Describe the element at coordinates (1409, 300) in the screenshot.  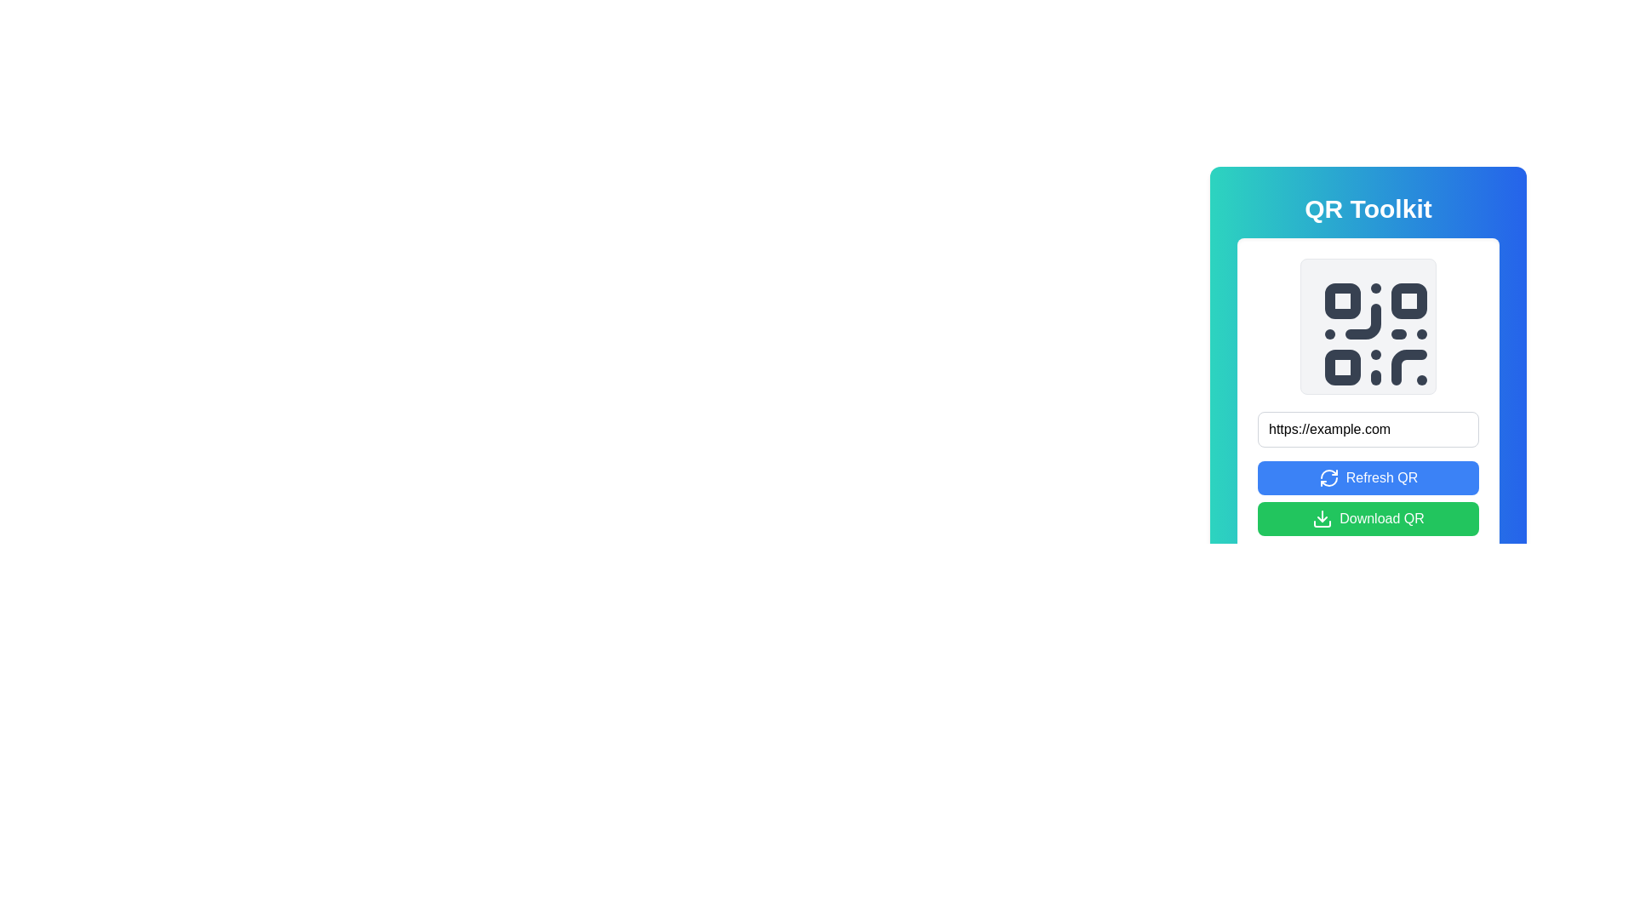
I see `the top-right graphical component of the QR code representation that contributes to its structure and data encoding` at that location.